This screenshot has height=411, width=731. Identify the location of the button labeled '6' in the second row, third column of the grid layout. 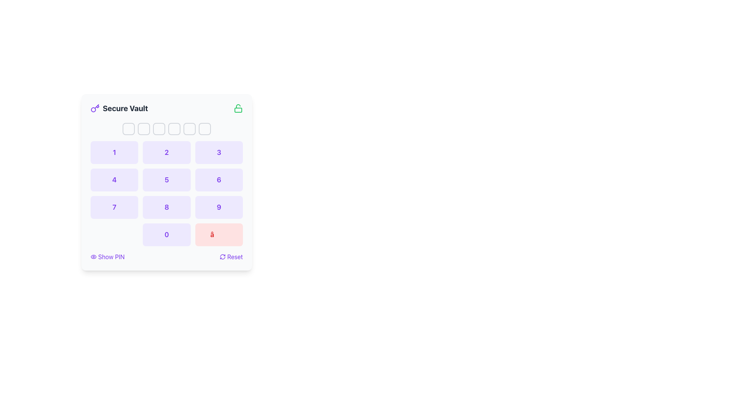
(219, 180).